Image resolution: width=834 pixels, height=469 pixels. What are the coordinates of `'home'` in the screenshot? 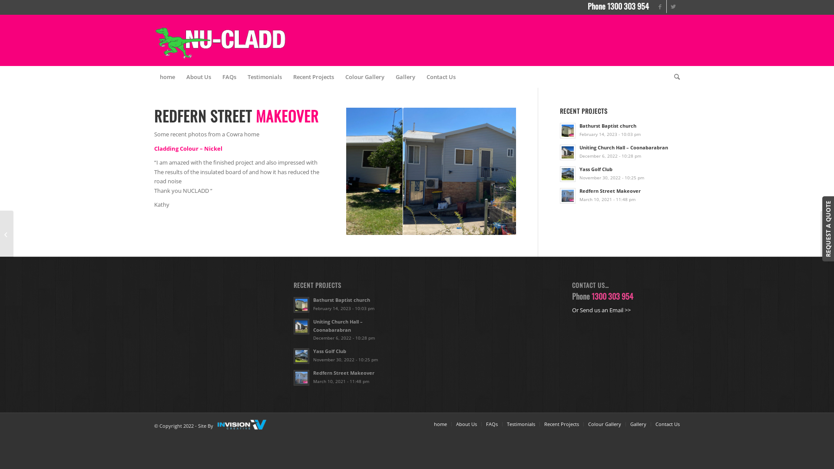 It's located at (440, 423).